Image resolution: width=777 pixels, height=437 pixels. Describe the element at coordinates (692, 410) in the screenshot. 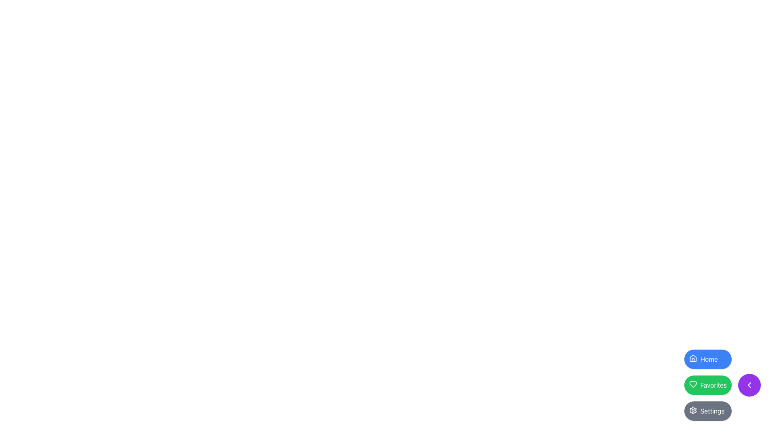

I see `the gear icon within the 'Settings' button located in the bottom right of the interface` at that location.